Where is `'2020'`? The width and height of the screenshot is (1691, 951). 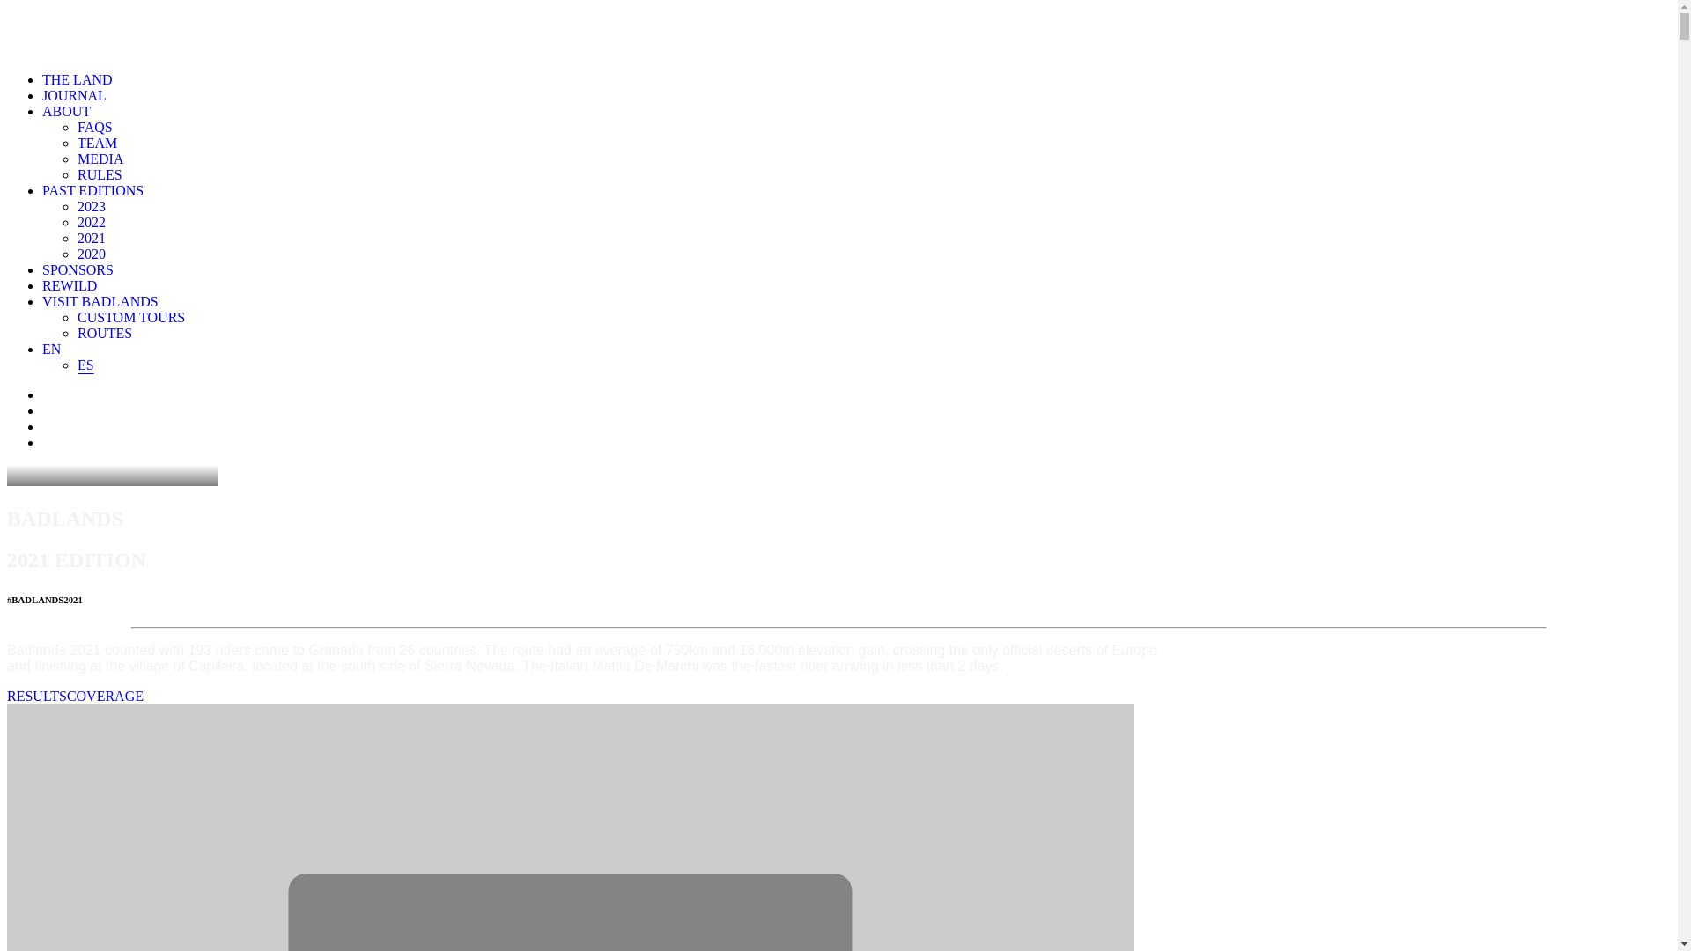
'2020' is located at coordinates (91, 254).